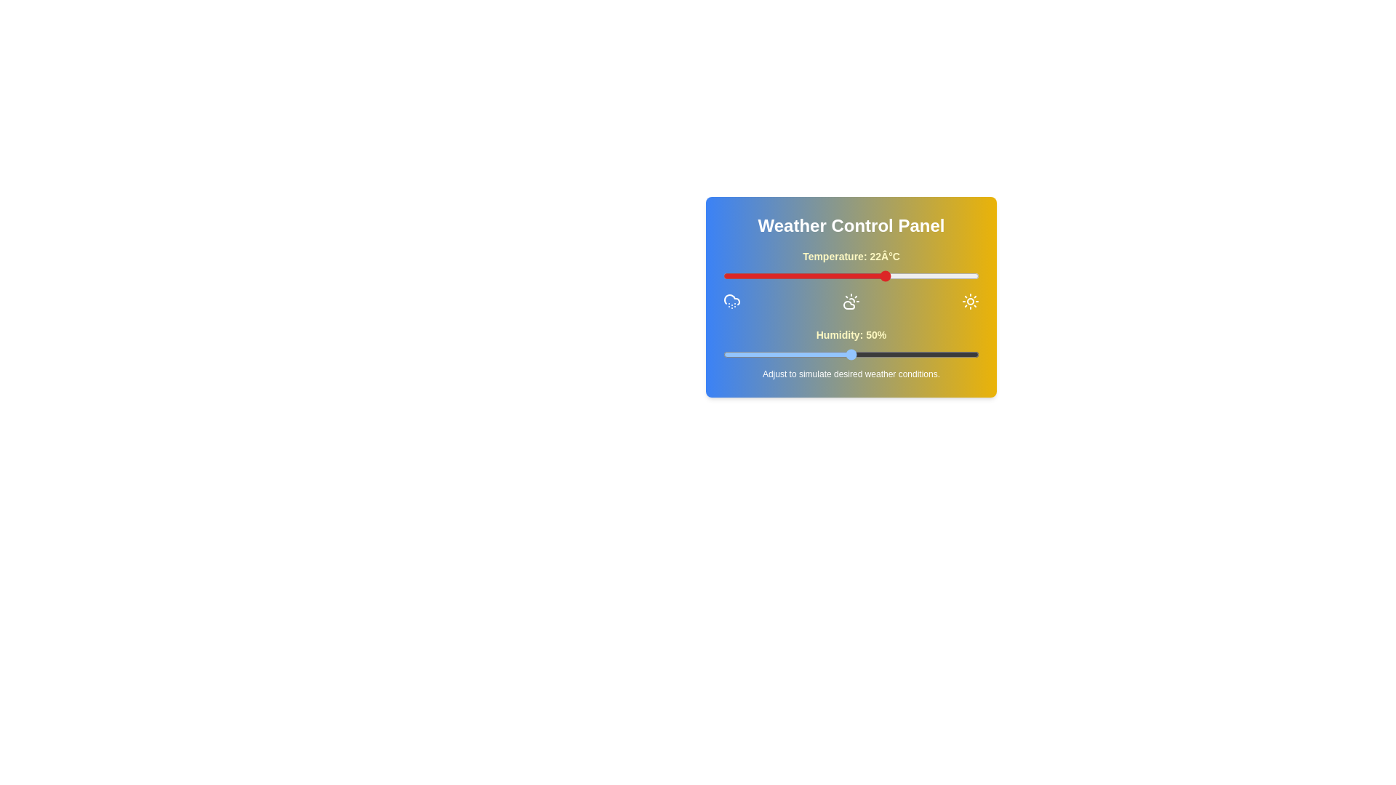 This screenshot has width=1396, height=785. What do you see at coordinates (958, 355) in the screenshot?
I see `humidity` at bounding box center [958, 355].